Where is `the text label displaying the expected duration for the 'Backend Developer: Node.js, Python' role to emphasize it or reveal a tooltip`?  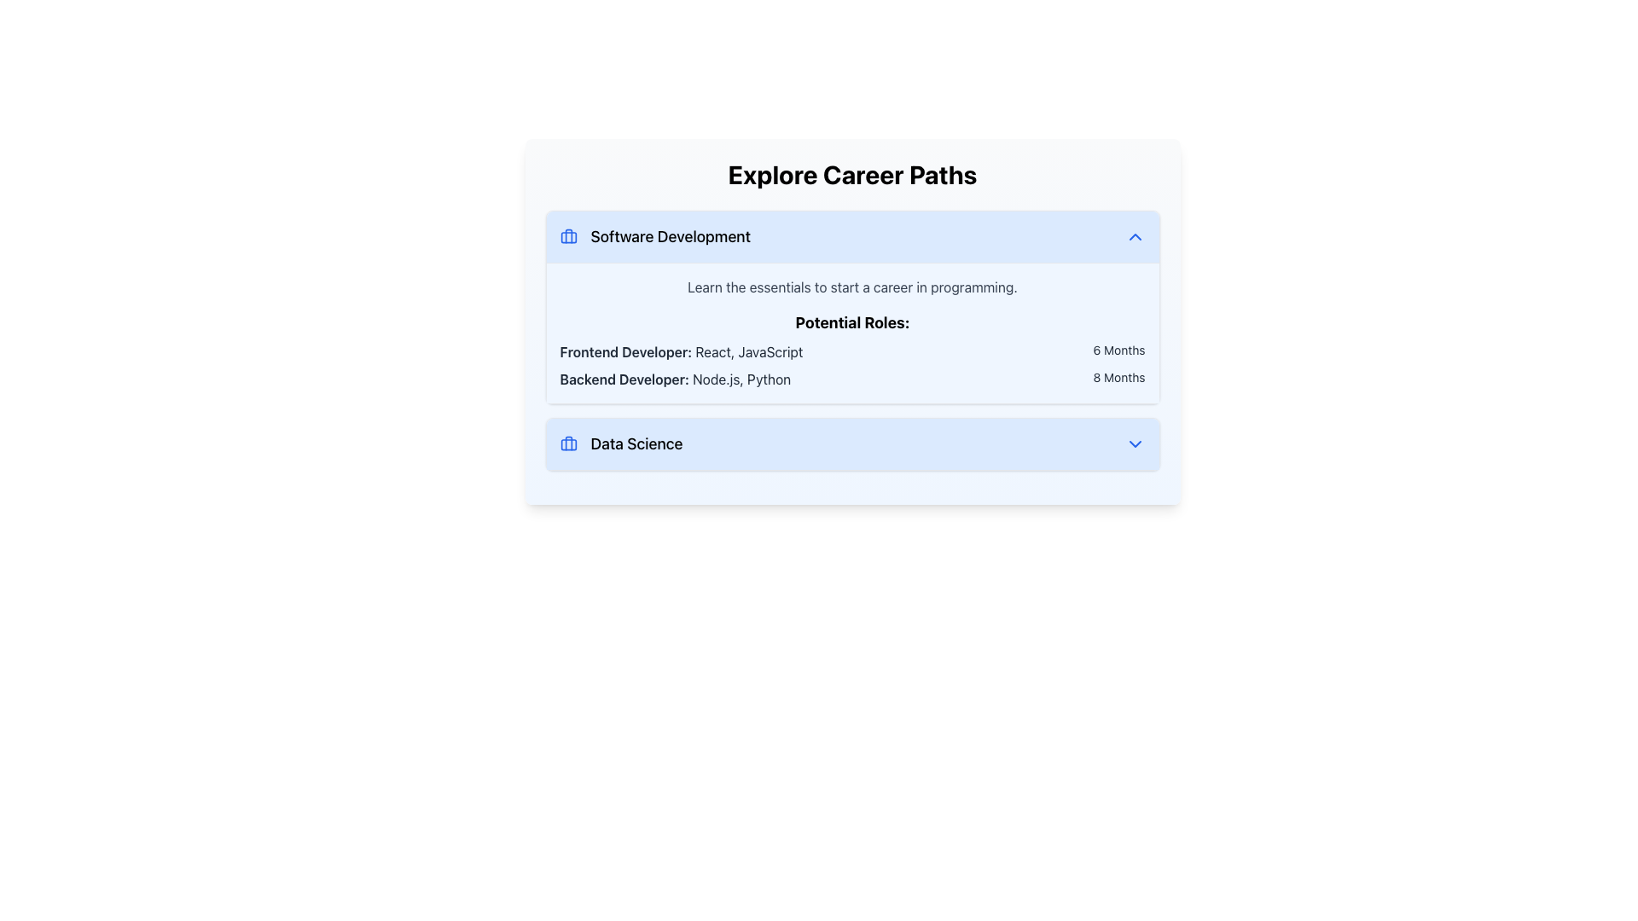 the text label displaying the expected duration for the 'Backend Developer: Node.js, Python' role to emphasize it or reveal a tooltip is located at coordinates (1118, 378).